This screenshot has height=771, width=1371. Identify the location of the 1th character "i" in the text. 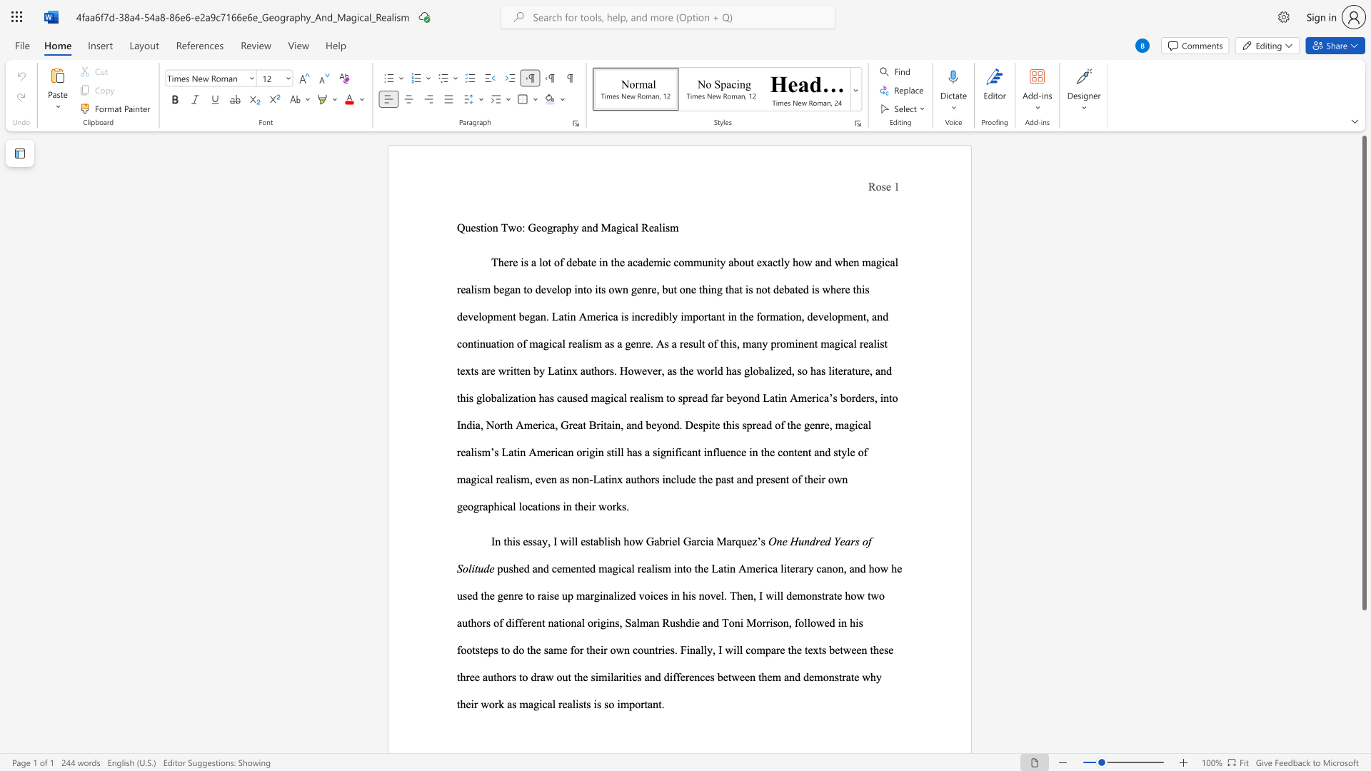
(839, 622).